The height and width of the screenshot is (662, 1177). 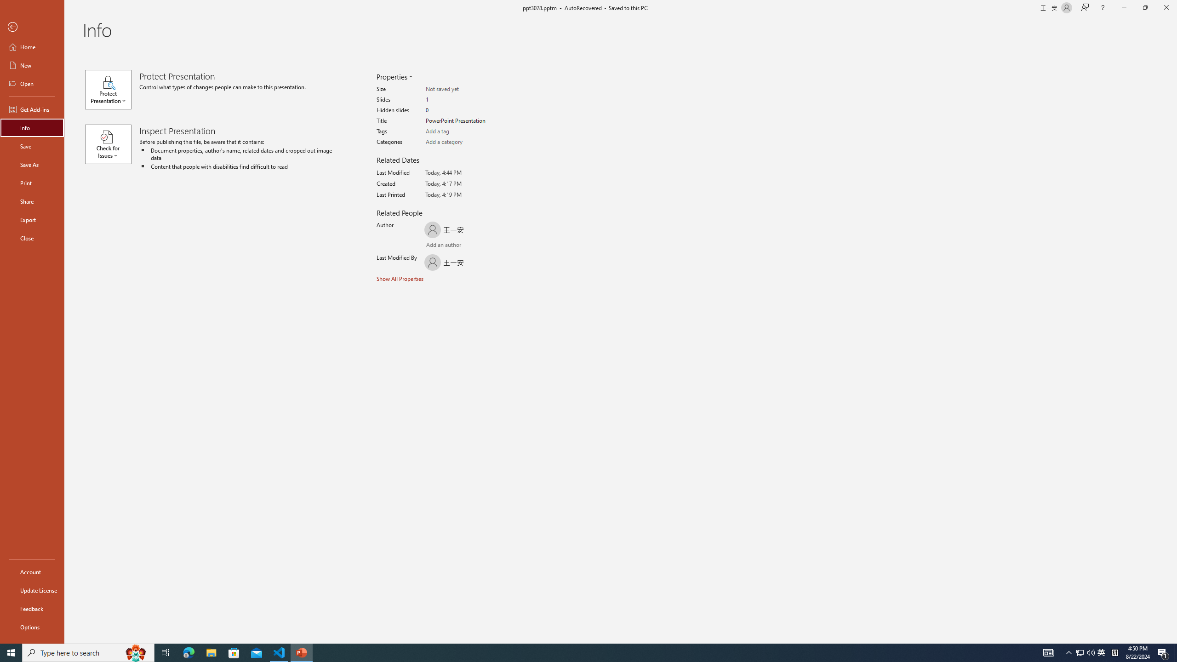 What do you see at coordinates (32, 572) in the screenshot?
I see `'Account'` at bounding box center [32, 572].